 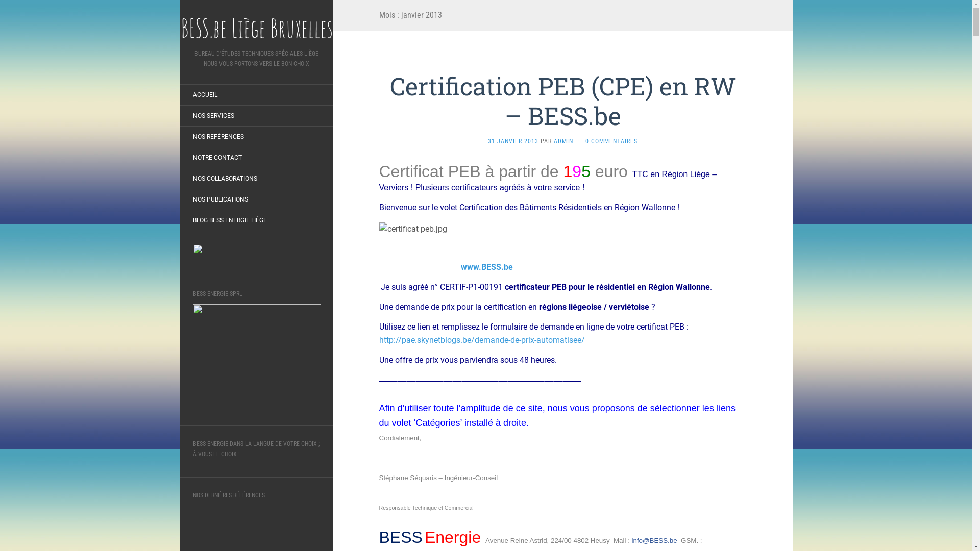 What do you see at coordinates (216, 157) in the screenshot?
I see `'NOTRE CONTACT'` at bounding box center [216, 157].